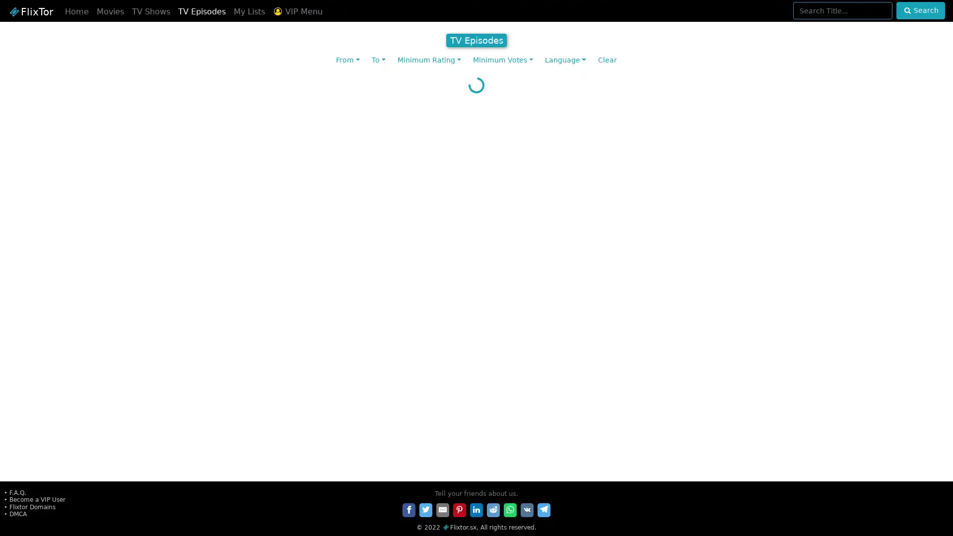  I want to click on From, so click(347, 60).